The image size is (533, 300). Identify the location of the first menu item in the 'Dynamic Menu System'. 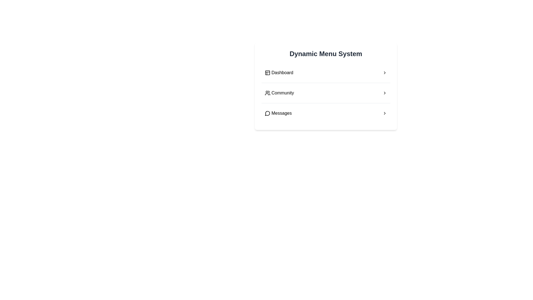
(326, 72).